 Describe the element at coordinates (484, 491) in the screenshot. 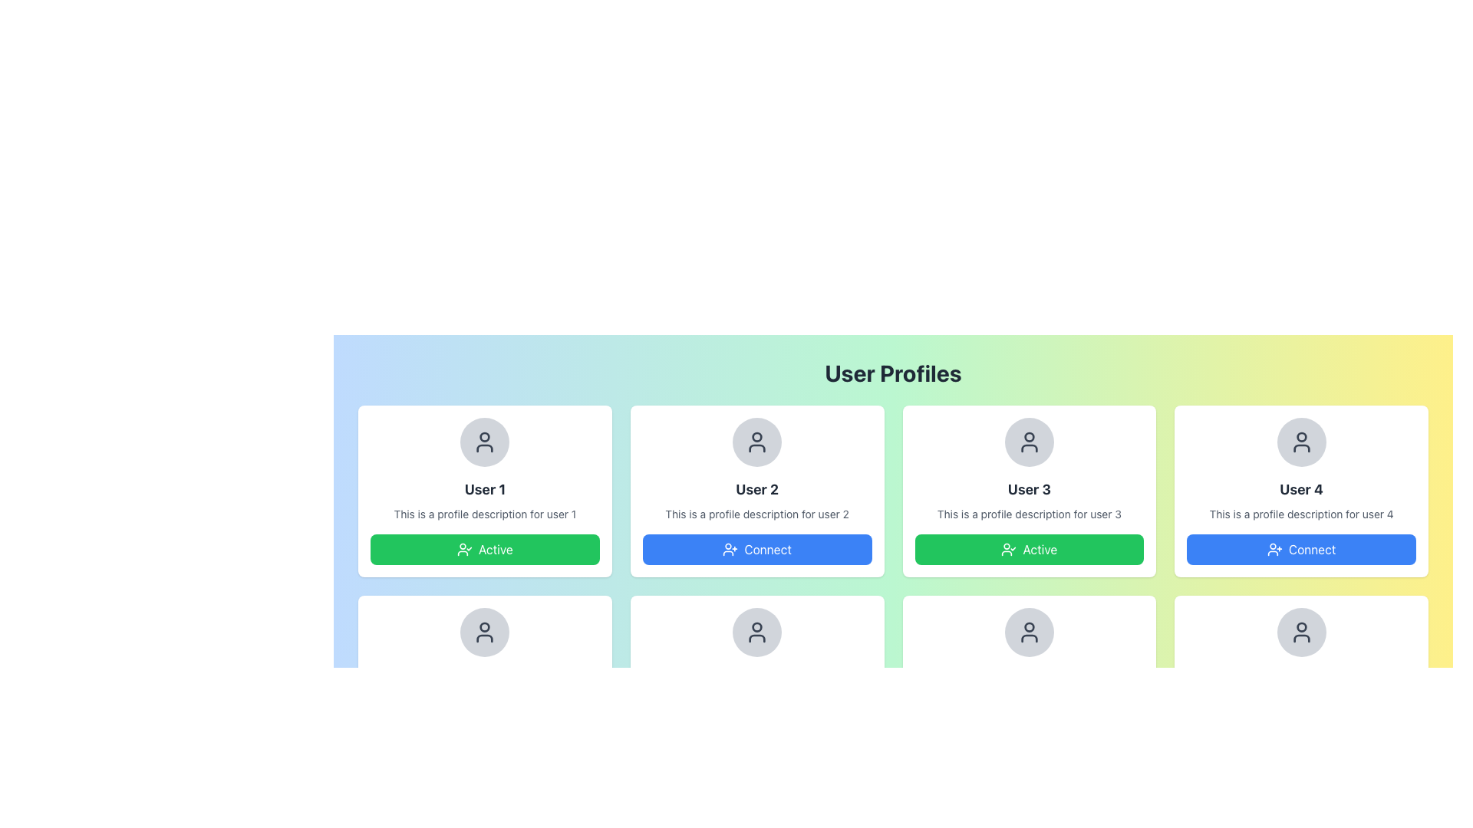

I see `the user profile card located at the top-left corner of the grid layout` at that location.